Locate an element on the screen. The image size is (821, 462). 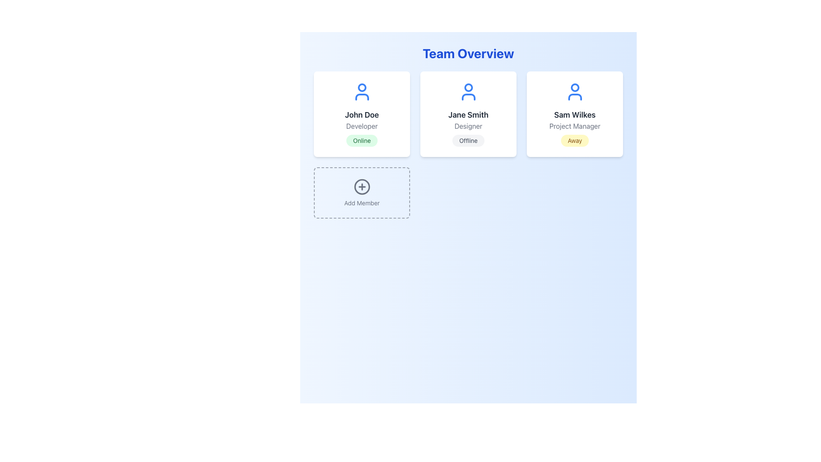
the circular icon button with a '+' sign in its center, located in the bottom-left quadrant of the main interface is located at coordinates (362, 186).